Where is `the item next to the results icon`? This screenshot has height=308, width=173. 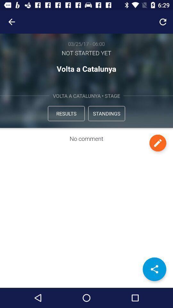 the item next to the results icon is located at coordinates (107, 113).